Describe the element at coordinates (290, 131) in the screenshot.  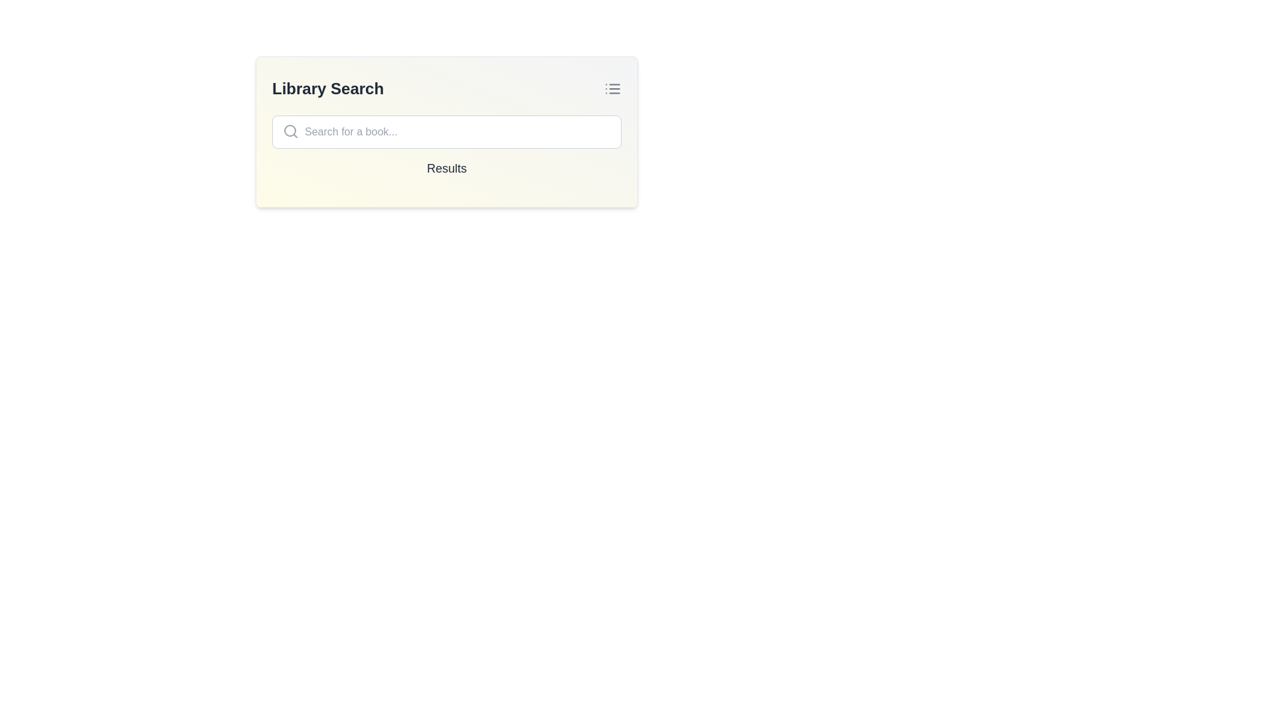
I see `the magnifying glass icon, which is light gray and located inside the left padding area of the search input field, next to the placeholder text 'Search for a book...'` at that location.